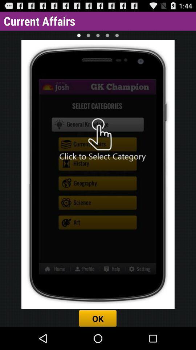 Image resolution: width=196 pixels, height=350 pixels. Describe the element at coordinates (98, 318) in the screenshot. I see `the ok item` at that location.